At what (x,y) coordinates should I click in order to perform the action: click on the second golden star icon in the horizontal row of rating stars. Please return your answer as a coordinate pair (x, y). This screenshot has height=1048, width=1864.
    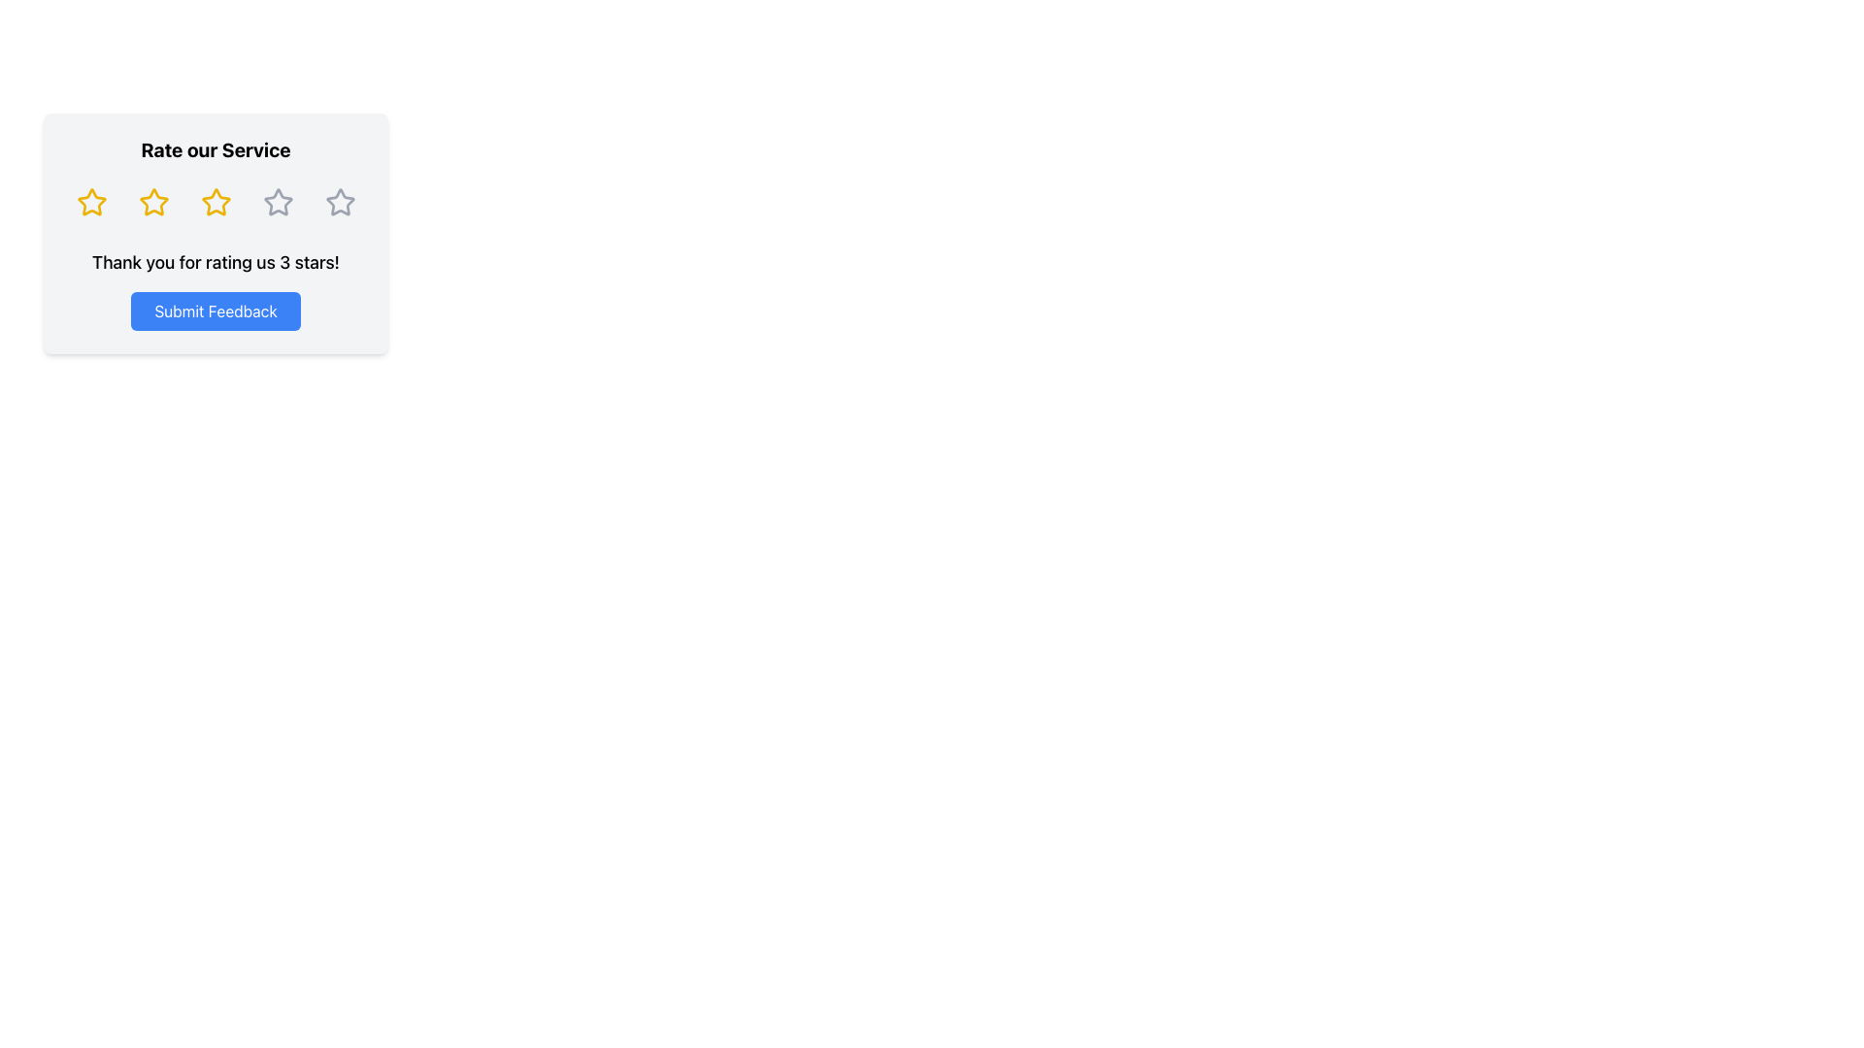
    Looking at the image, I should click on (152, 202).